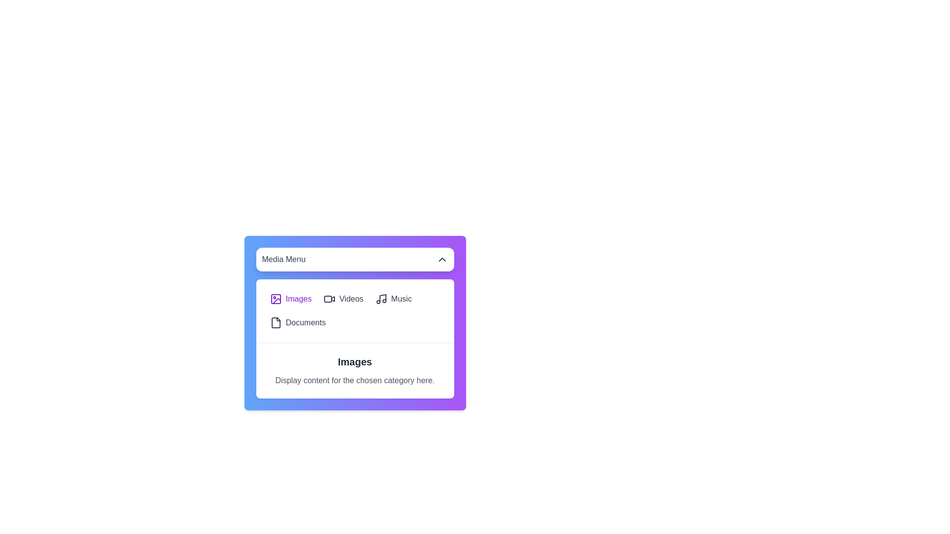 The image size is (950, 534). What do you see at coordinates (355, 310) in the screenshot?
I see `the icons in the Tab Navigation Bar` at bounding box center [355, 310].